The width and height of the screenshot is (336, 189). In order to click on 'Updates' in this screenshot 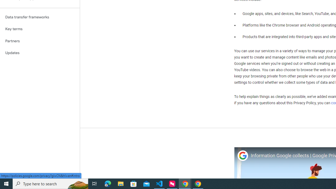, I will do `click(40, 53)`.